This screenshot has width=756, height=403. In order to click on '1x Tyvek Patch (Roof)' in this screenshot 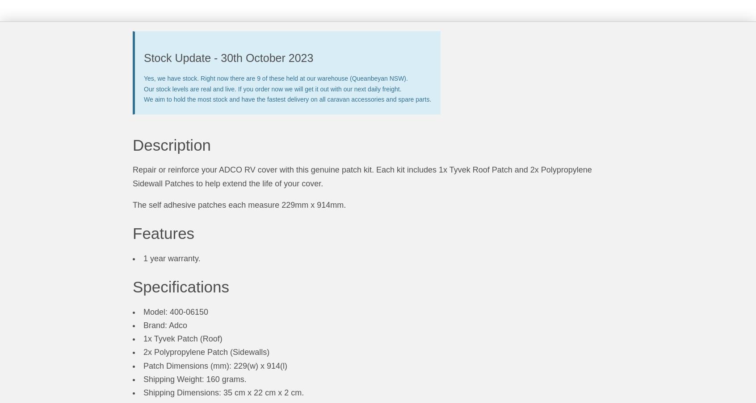, I will do `click(143, 338)`.